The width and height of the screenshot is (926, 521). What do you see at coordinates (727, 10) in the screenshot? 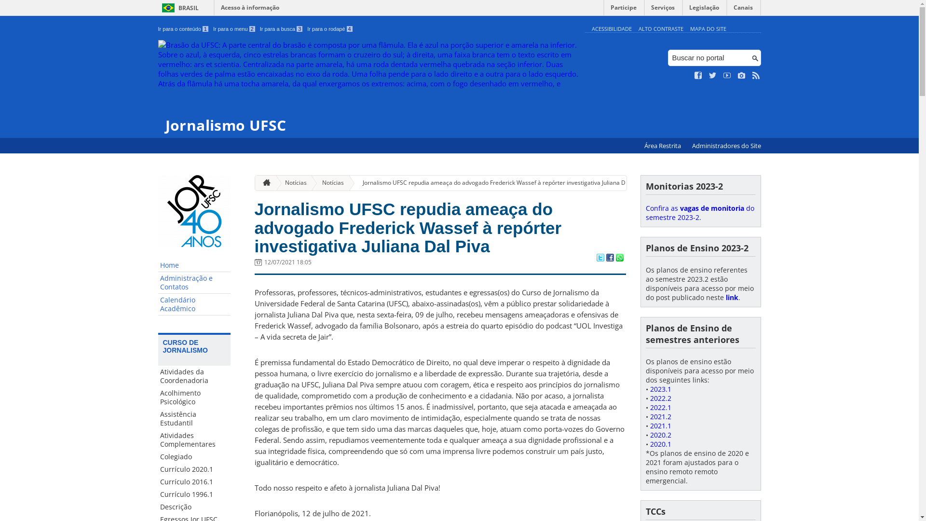
I see `'Canais'` at bounding box center [727, 10].